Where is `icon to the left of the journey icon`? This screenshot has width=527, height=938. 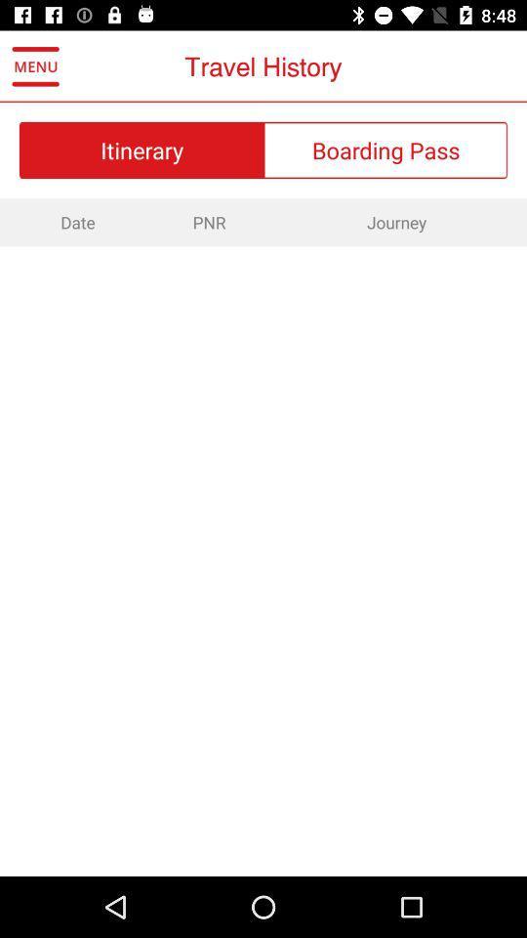 icon to the left of the journey icon is located at coordinates (208, 222).